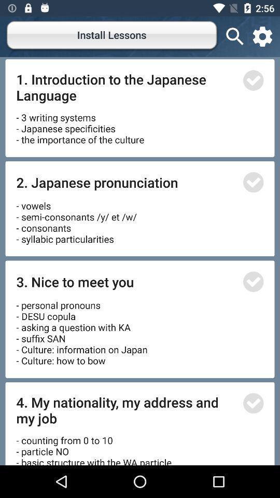 The width and height of the screenshot is (280, 498). What do you see at coordinates (253, 80) in the screenshot?
I see `lesson` at bounding box center [253, 80].